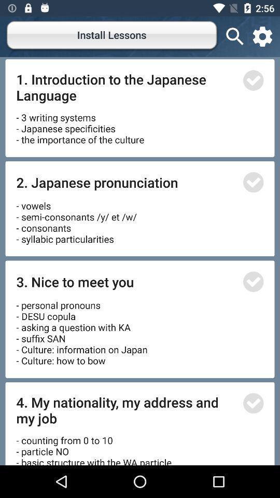 The width and height of the screenshot is (280, 498). What do you see at coordinates (253, 80) in the screenshot?
I see `lesson` at bounding box center [253, 80].